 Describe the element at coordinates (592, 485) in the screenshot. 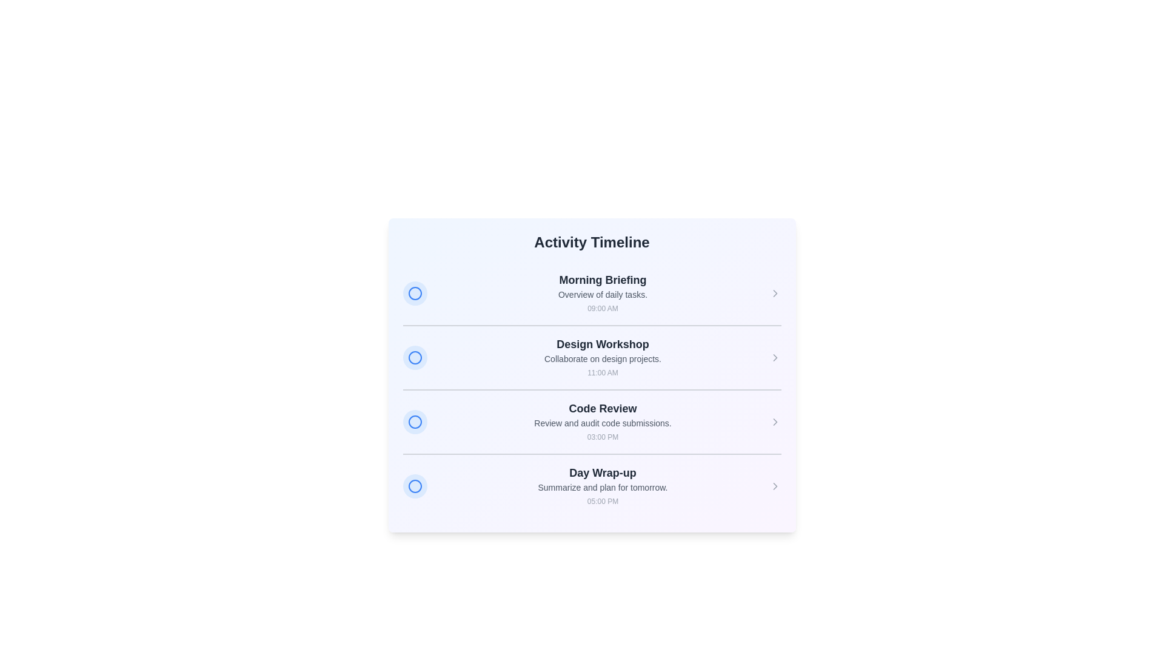

I see `the fourth list item displaying the details of the activity named 'Day Wrap-up'` at that location.